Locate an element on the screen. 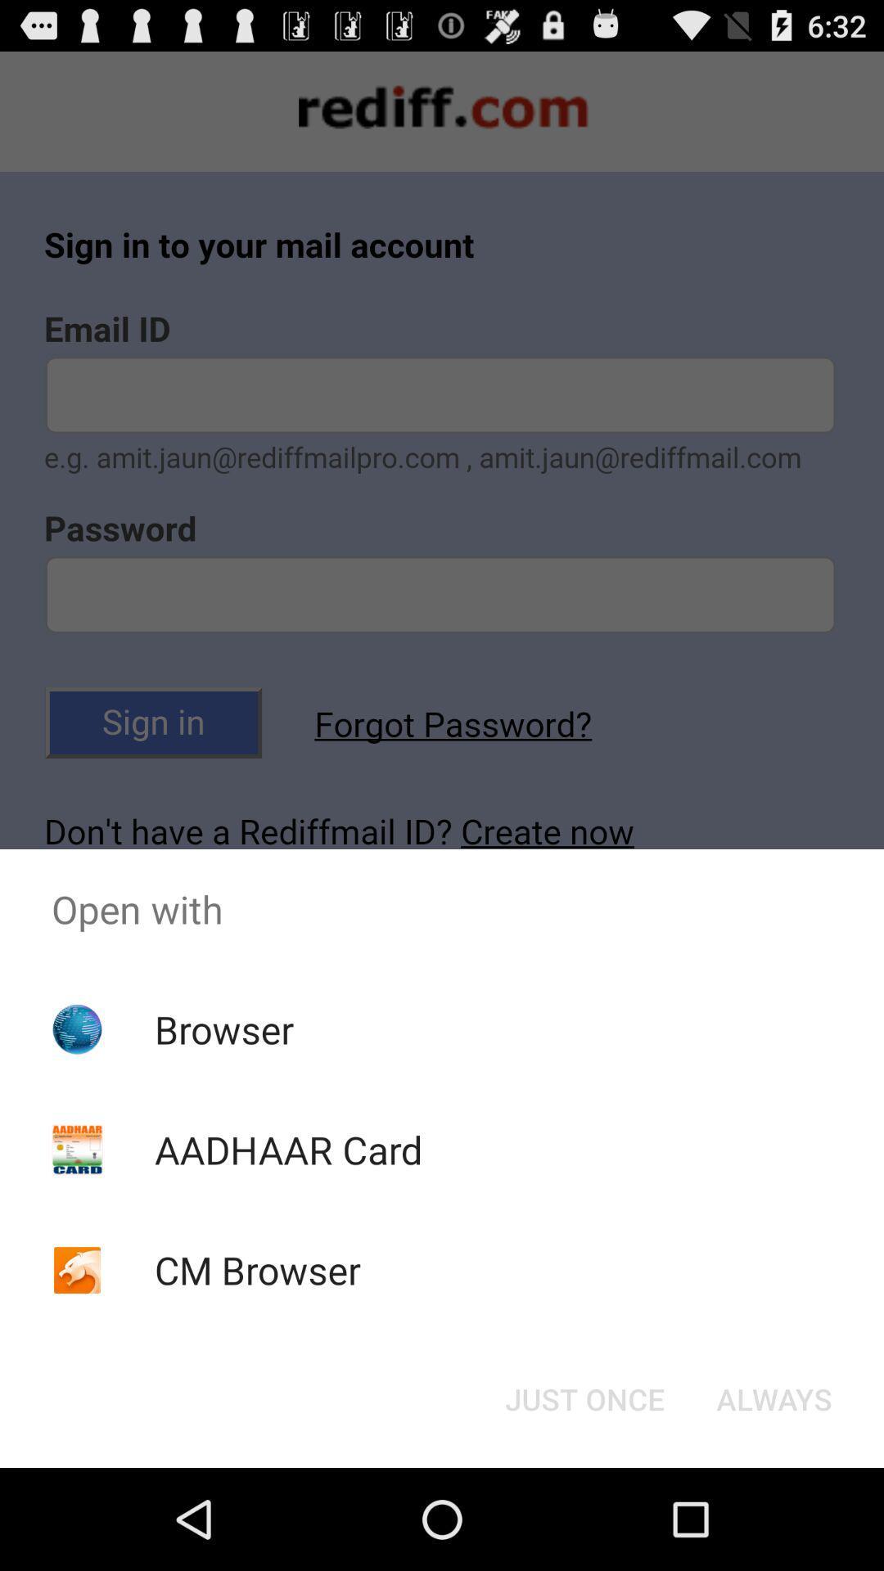 Image resolution: width=884 pixels, height=1571 pixels. the app below the open with app is located at coordinates (584, 1398).